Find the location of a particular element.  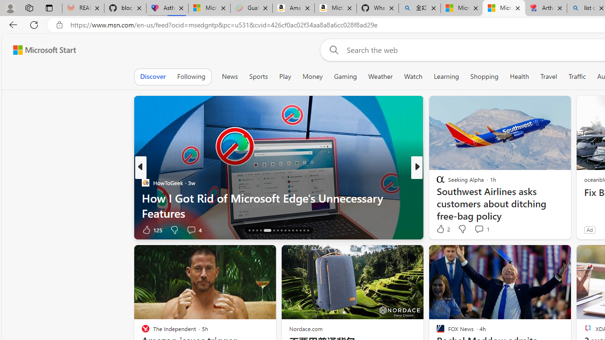

'View comments 25 Comment' is located at coordinates (479, 229).